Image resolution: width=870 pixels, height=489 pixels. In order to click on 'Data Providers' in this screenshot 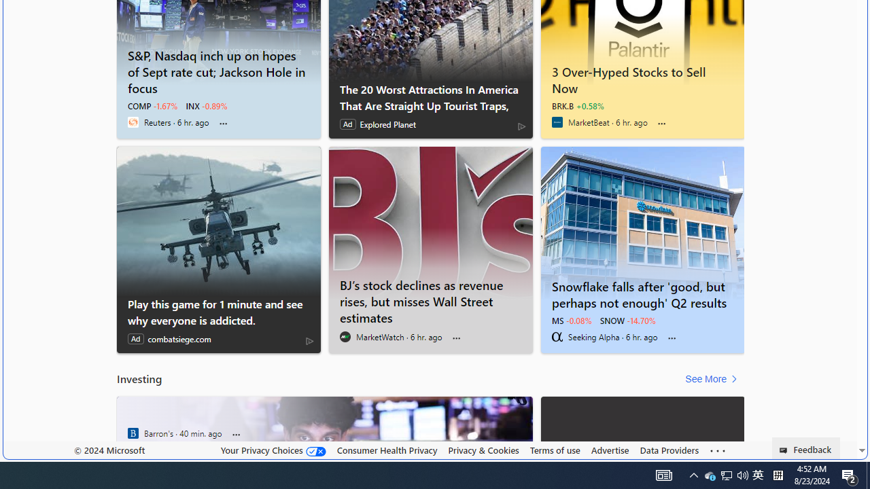, I will do `click(669, 450)`.